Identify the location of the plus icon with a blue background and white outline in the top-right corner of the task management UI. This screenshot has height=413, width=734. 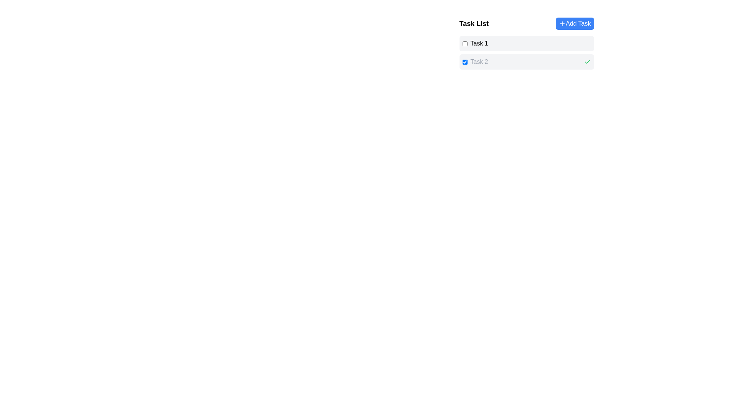
(562, 23).